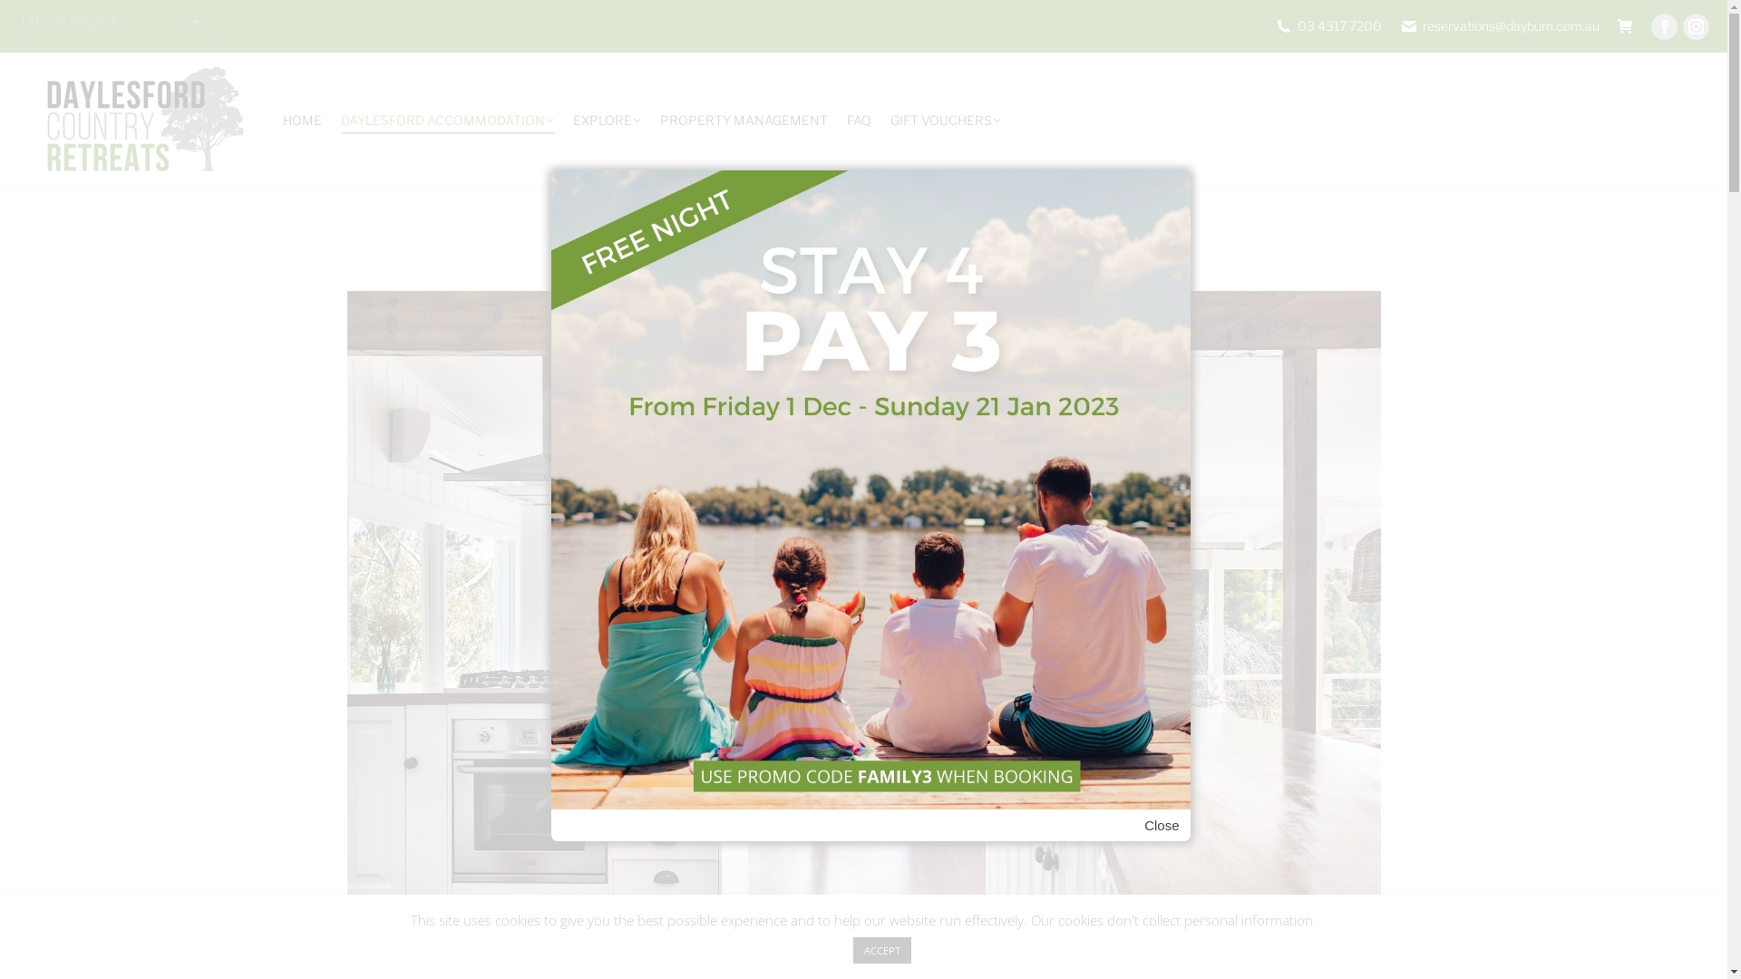 The width and height of the screenshot is (1741, 979). Describe the element at coordinates (1664, 25) in the screenshot. I see `'Facebook page opens in new window'` at that location.